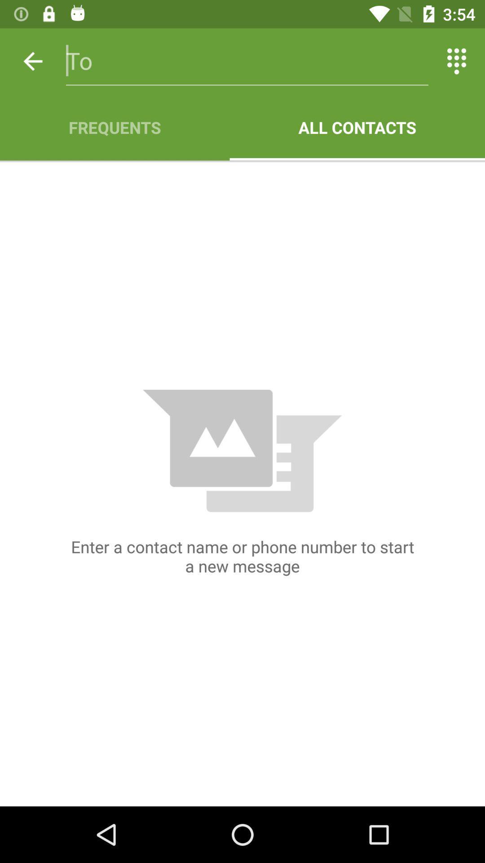 This screenshot has width=485, height=863. What do you see at coordinates (114, 127) in the screenshot?
I see `frequents` at bounding box center [114, 127].